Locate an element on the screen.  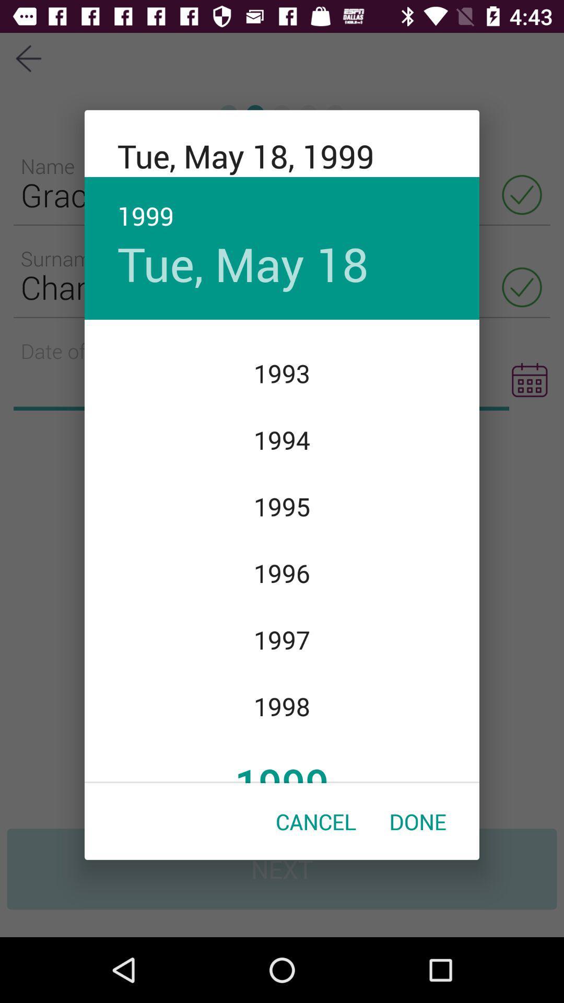
icon below the 1999 item is located at coordinates (315, 821).